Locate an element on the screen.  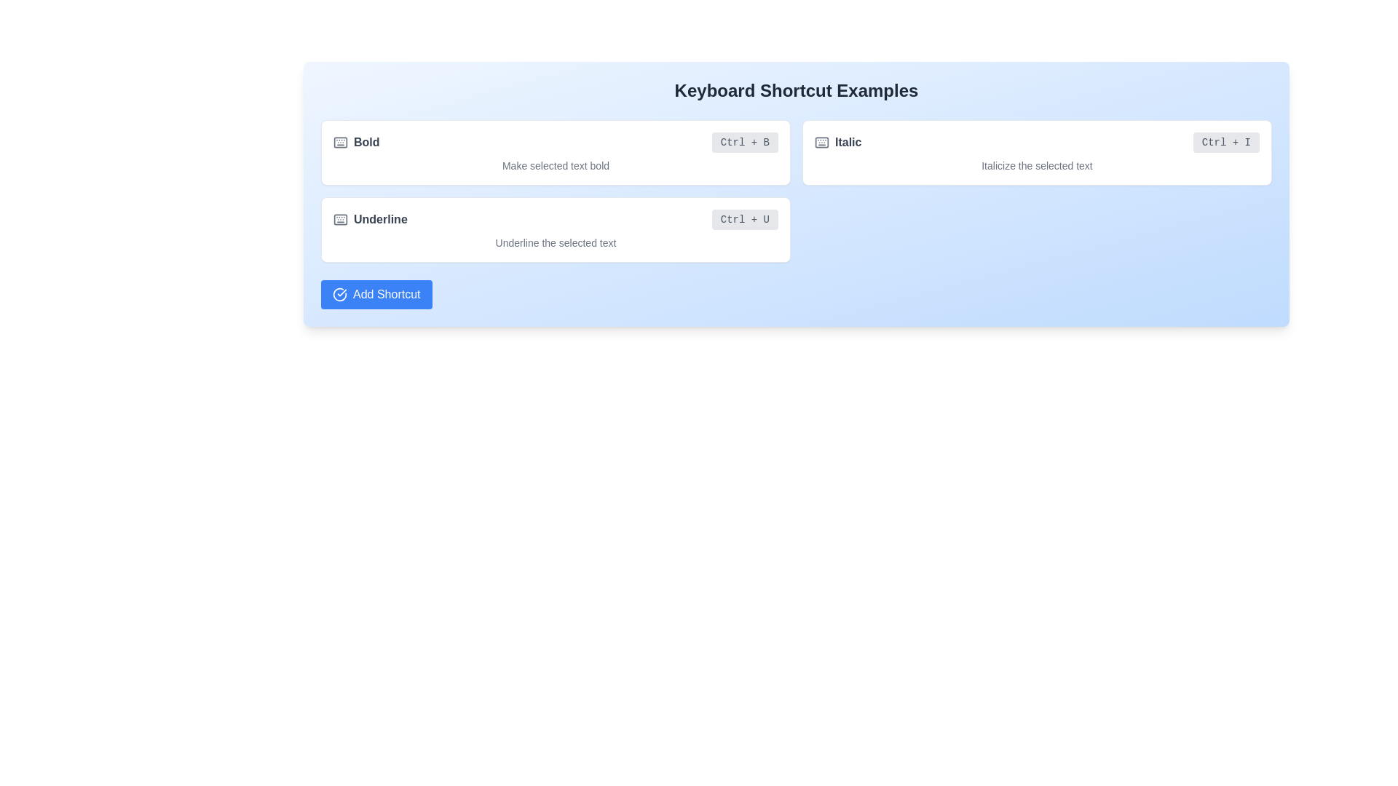
the decorative graphical element located at the bottom of the keyboard-like icon, which is next to the 'Bold' label in the top-left section of the interface is located at coordinates (339, 219).